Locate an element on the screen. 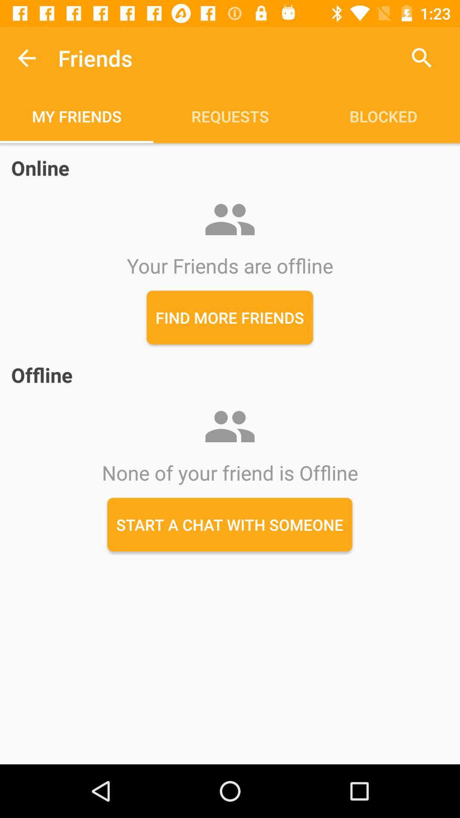 This screenshot has width=460, height=818. the item to the left of the friends is located at coordinates (26, 58).